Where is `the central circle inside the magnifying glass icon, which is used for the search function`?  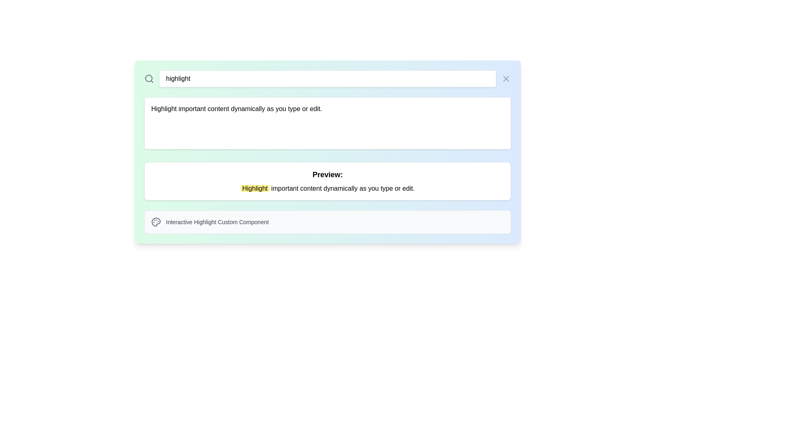
the central circle inside the magnifying glass icon, which is used for the search function is located at coordinates (149, 78).